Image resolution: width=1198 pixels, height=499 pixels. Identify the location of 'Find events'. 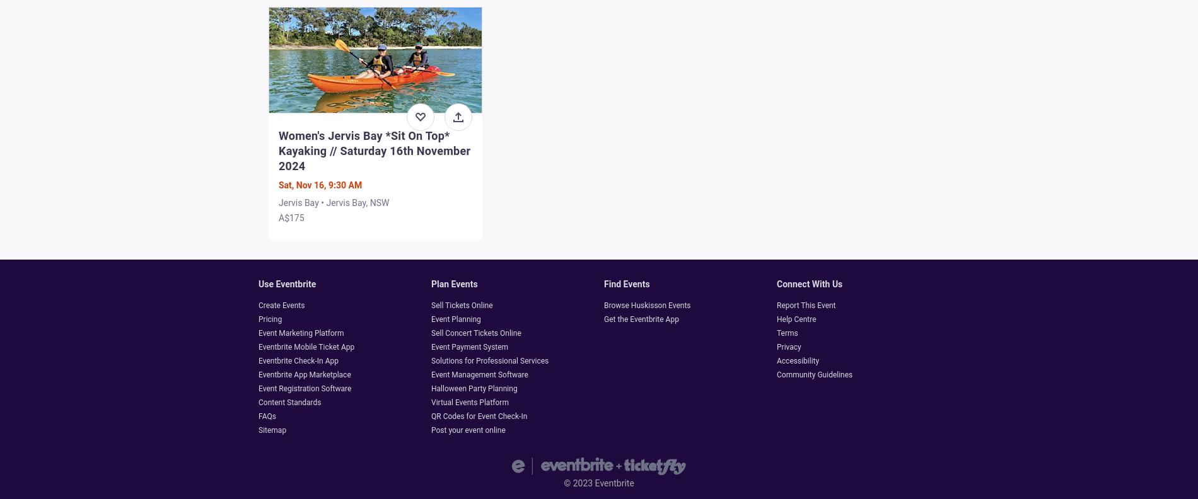
(627, 284).